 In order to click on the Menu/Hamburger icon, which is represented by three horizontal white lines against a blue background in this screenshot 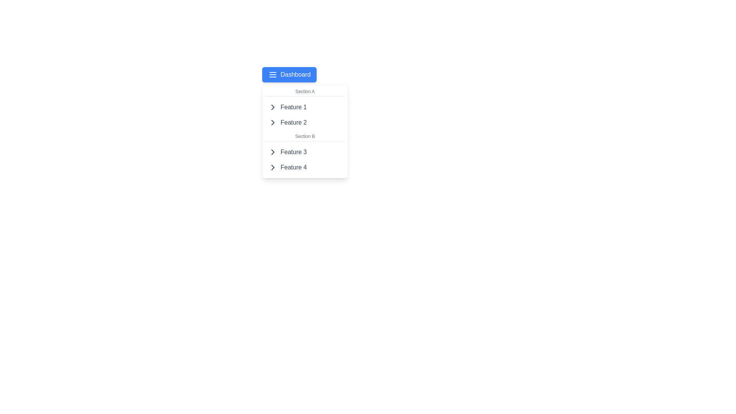, I will do `click(273, 75)`.